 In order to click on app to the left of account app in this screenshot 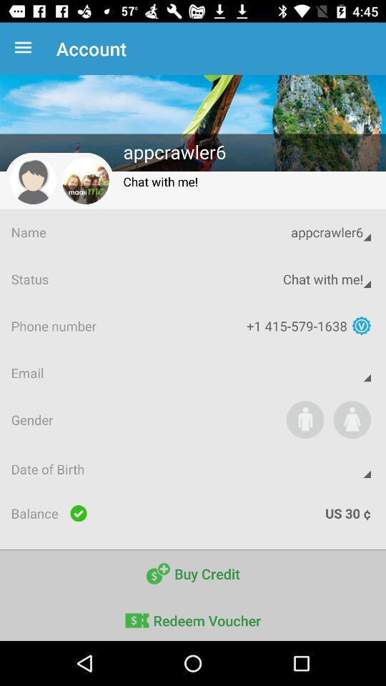, I will do `click(26, 49)`.